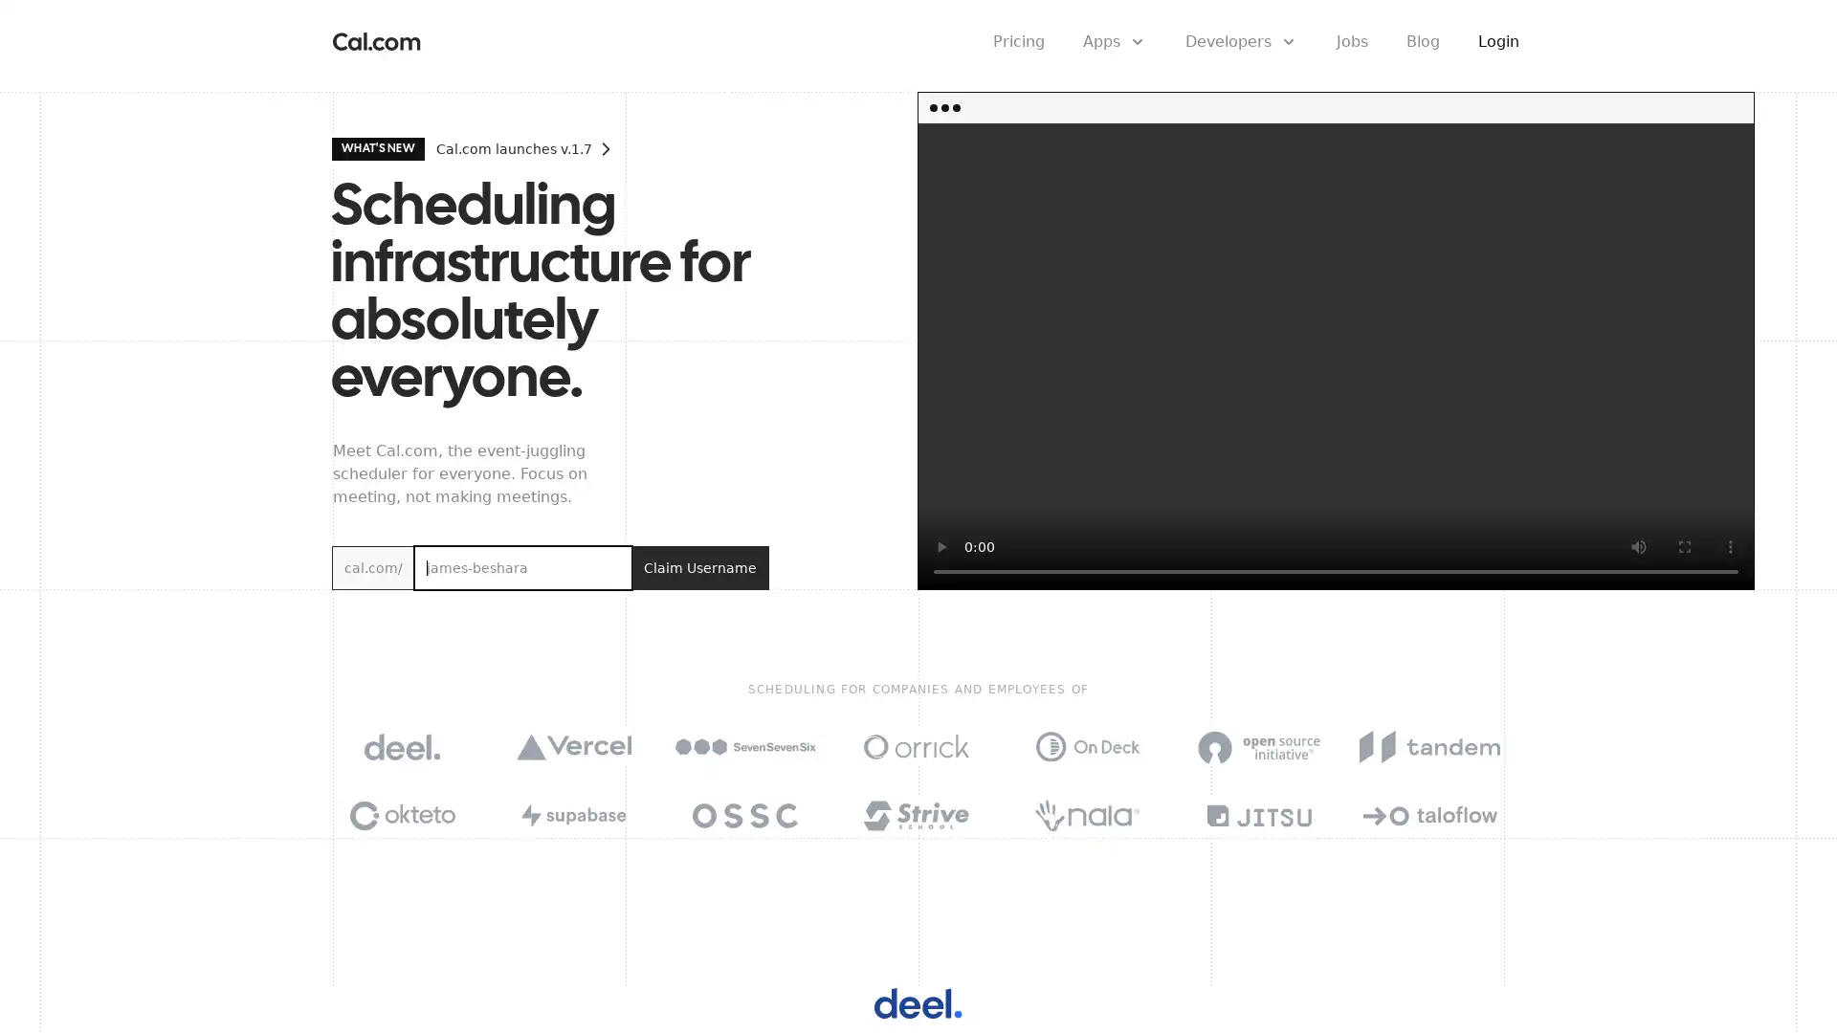 This screenshot has width=1837, height=1033. What do you see at coordinates (1731, 546) in the screenshot?
I see `show more media controls` at bounding box center [1731, 546].